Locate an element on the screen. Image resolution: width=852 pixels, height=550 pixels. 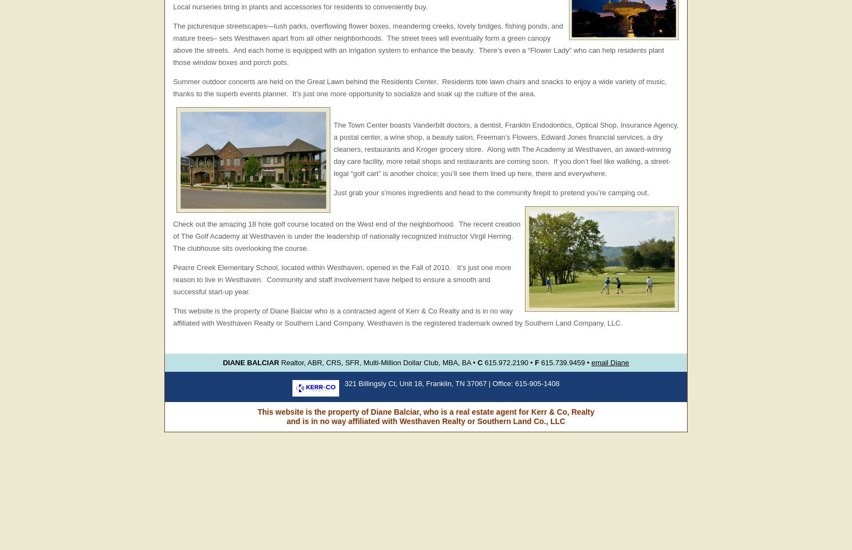
'This website is the property of Diane Balciar, who is a real estate agent for Kerr & Co, Realty' is located at coordinates (425, 411).